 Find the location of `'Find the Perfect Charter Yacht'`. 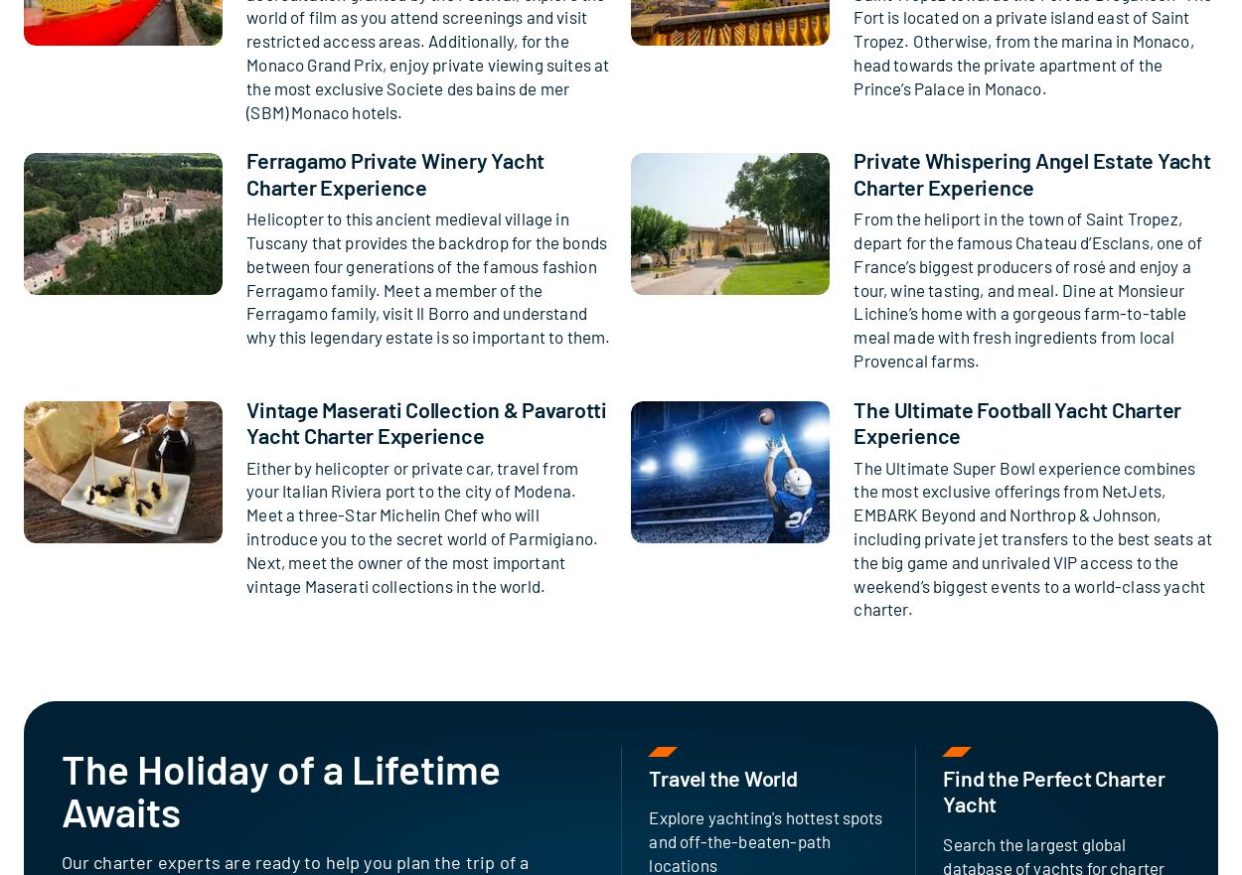

'Find the Perfect Charter Yacht' is located at coordinates (1053, 790).